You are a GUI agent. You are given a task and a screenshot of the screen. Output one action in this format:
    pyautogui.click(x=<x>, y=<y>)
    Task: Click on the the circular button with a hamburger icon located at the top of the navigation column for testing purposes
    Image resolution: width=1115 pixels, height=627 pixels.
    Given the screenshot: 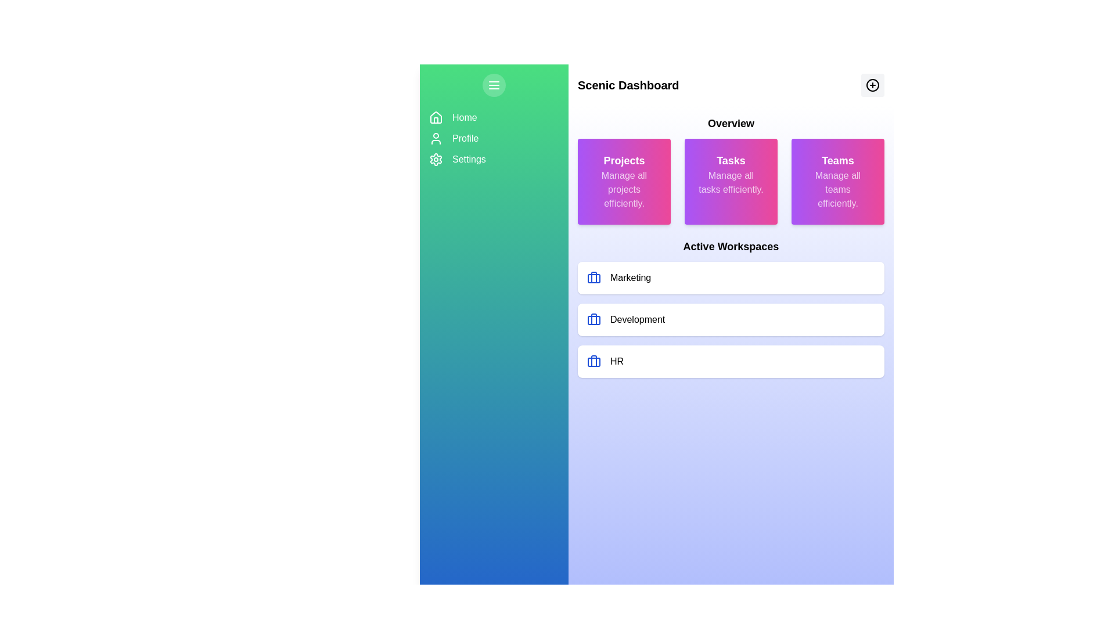 What is the action you would take?
    pyautogui.click(x=494, y=84)
    